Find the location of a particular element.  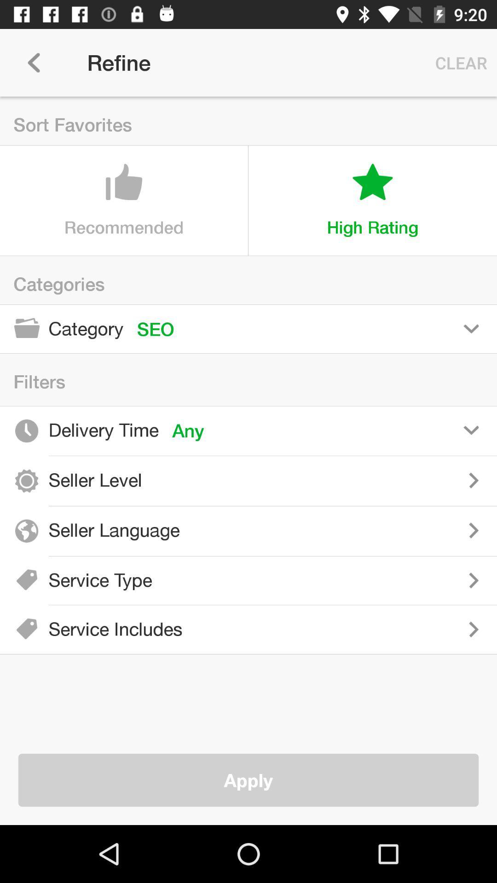

apply item is located at coordinates (248, 780).